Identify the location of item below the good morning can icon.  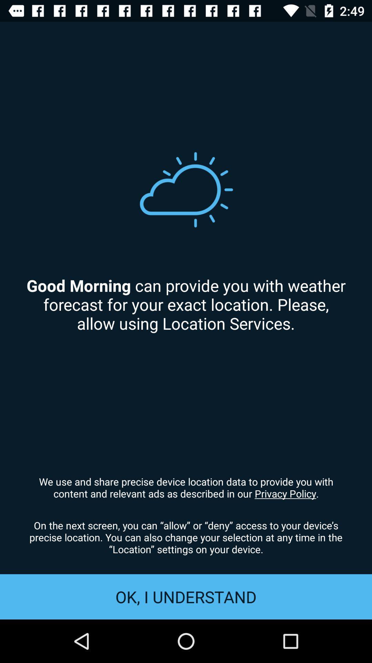
(186, 487).